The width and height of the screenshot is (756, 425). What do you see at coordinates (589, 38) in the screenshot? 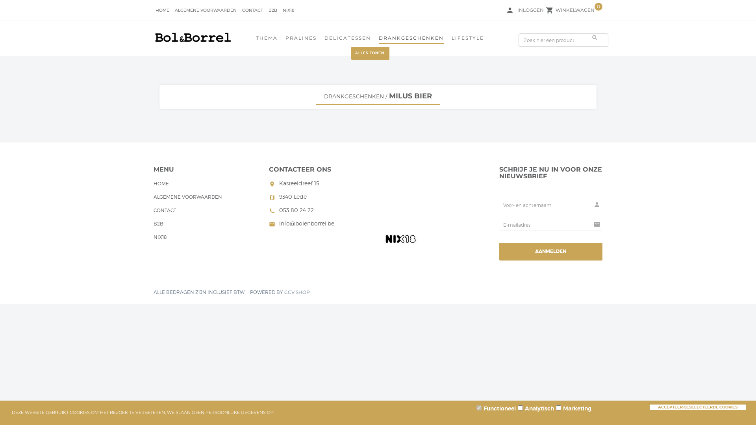
I see `'search'` at bounding box center [589, 38].